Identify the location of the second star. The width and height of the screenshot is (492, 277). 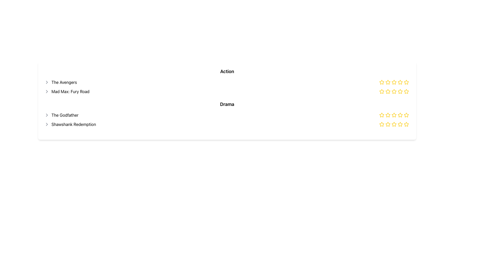
(387, 91).